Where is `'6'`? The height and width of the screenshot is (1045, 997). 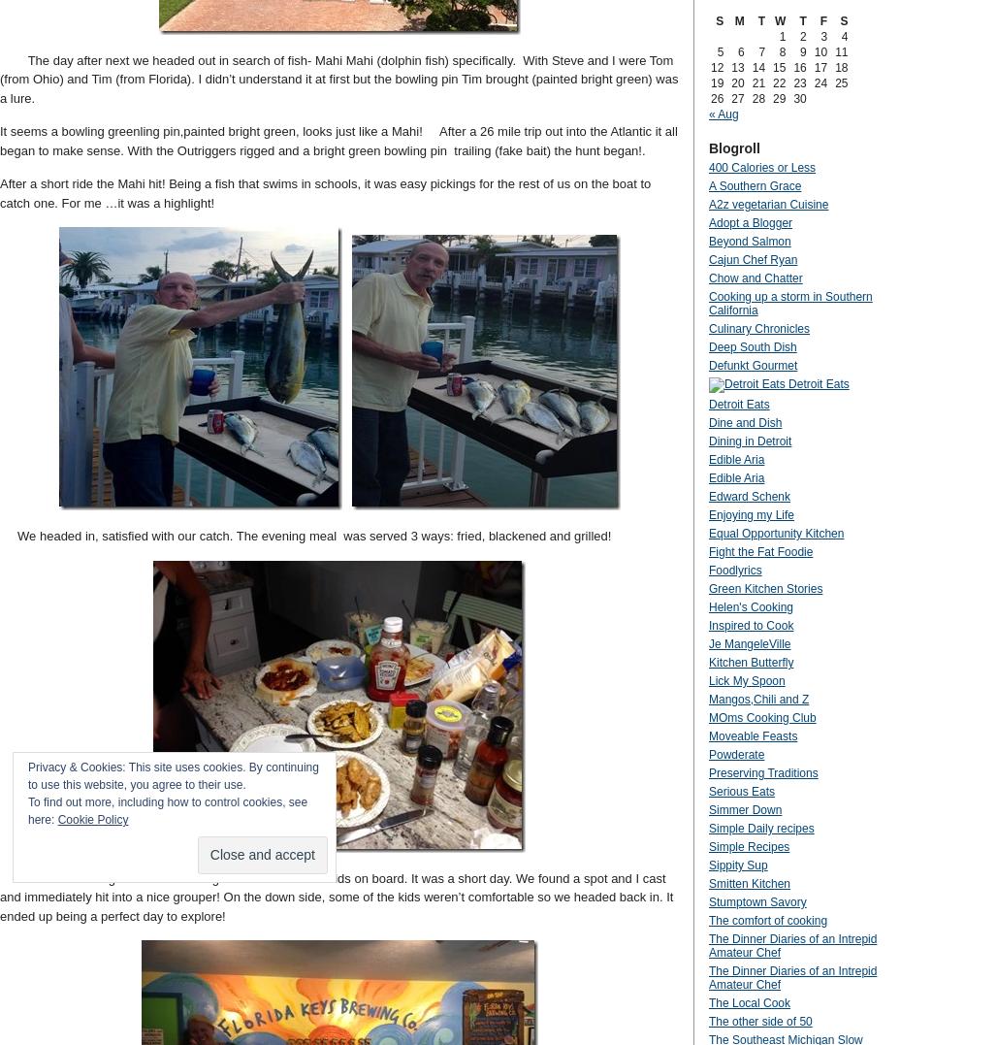 '6' is located at coordinates (740, 51).